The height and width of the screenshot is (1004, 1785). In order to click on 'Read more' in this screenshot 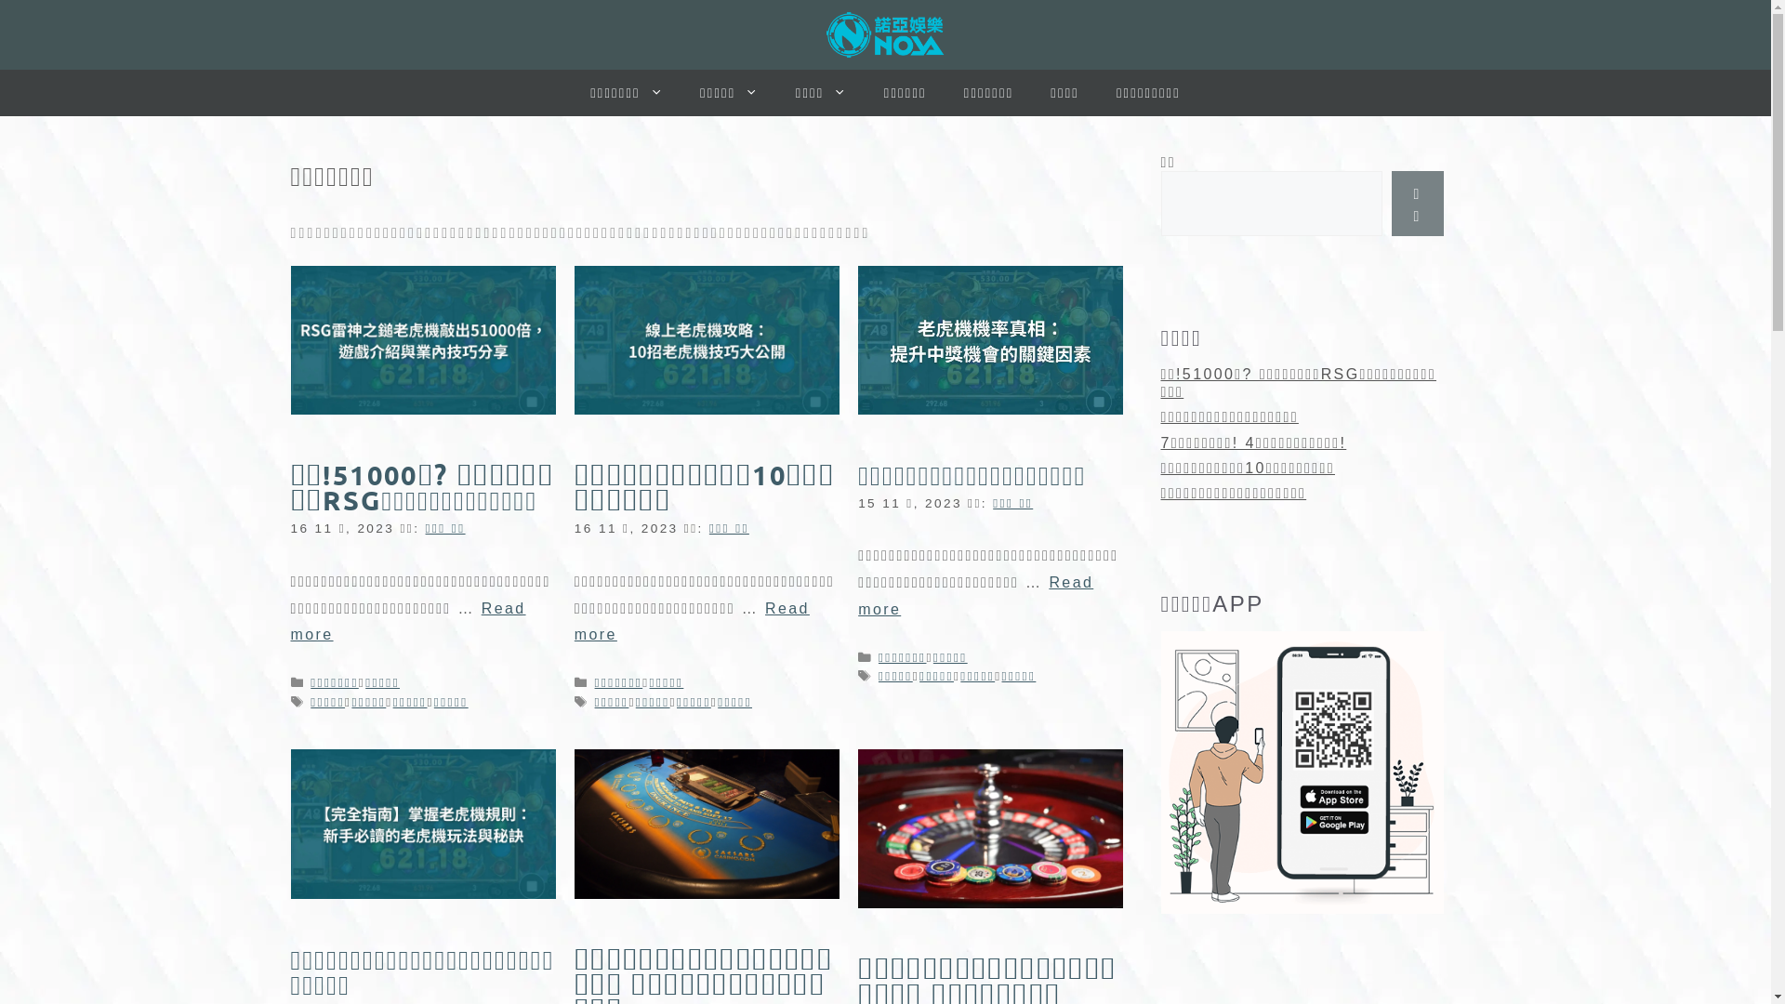, I will do `click(406, 621)`.